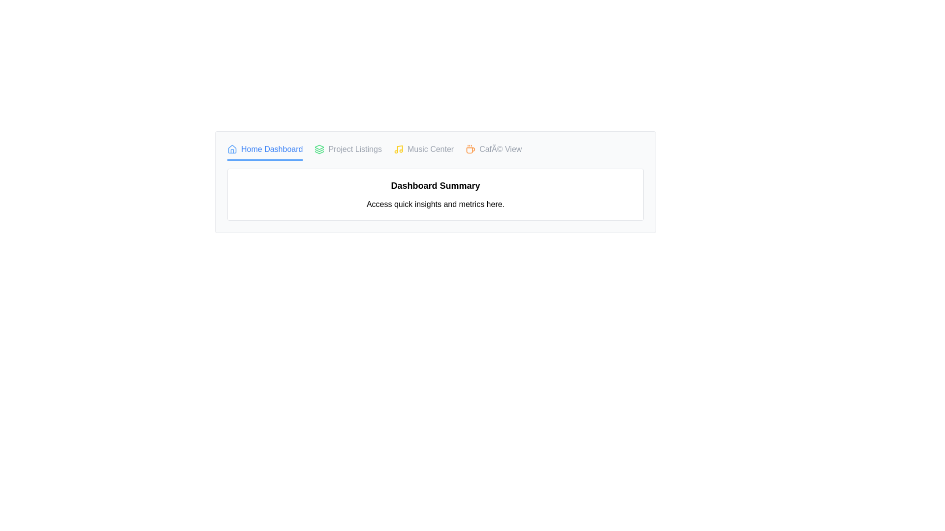  I want to click on the 'Music Center' label located in the navigation bar, positioned between 'Project Listings' and 'Café View', so click(430, 149).